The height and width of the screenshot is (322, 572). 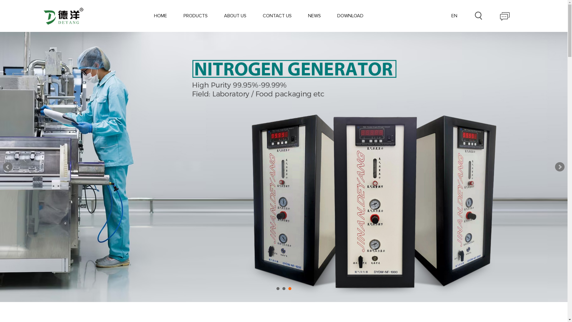 What do you see at coordinates (235, 16) in the screenshot?
I see `'ABOUT US'` at bounding box center [235, 16].